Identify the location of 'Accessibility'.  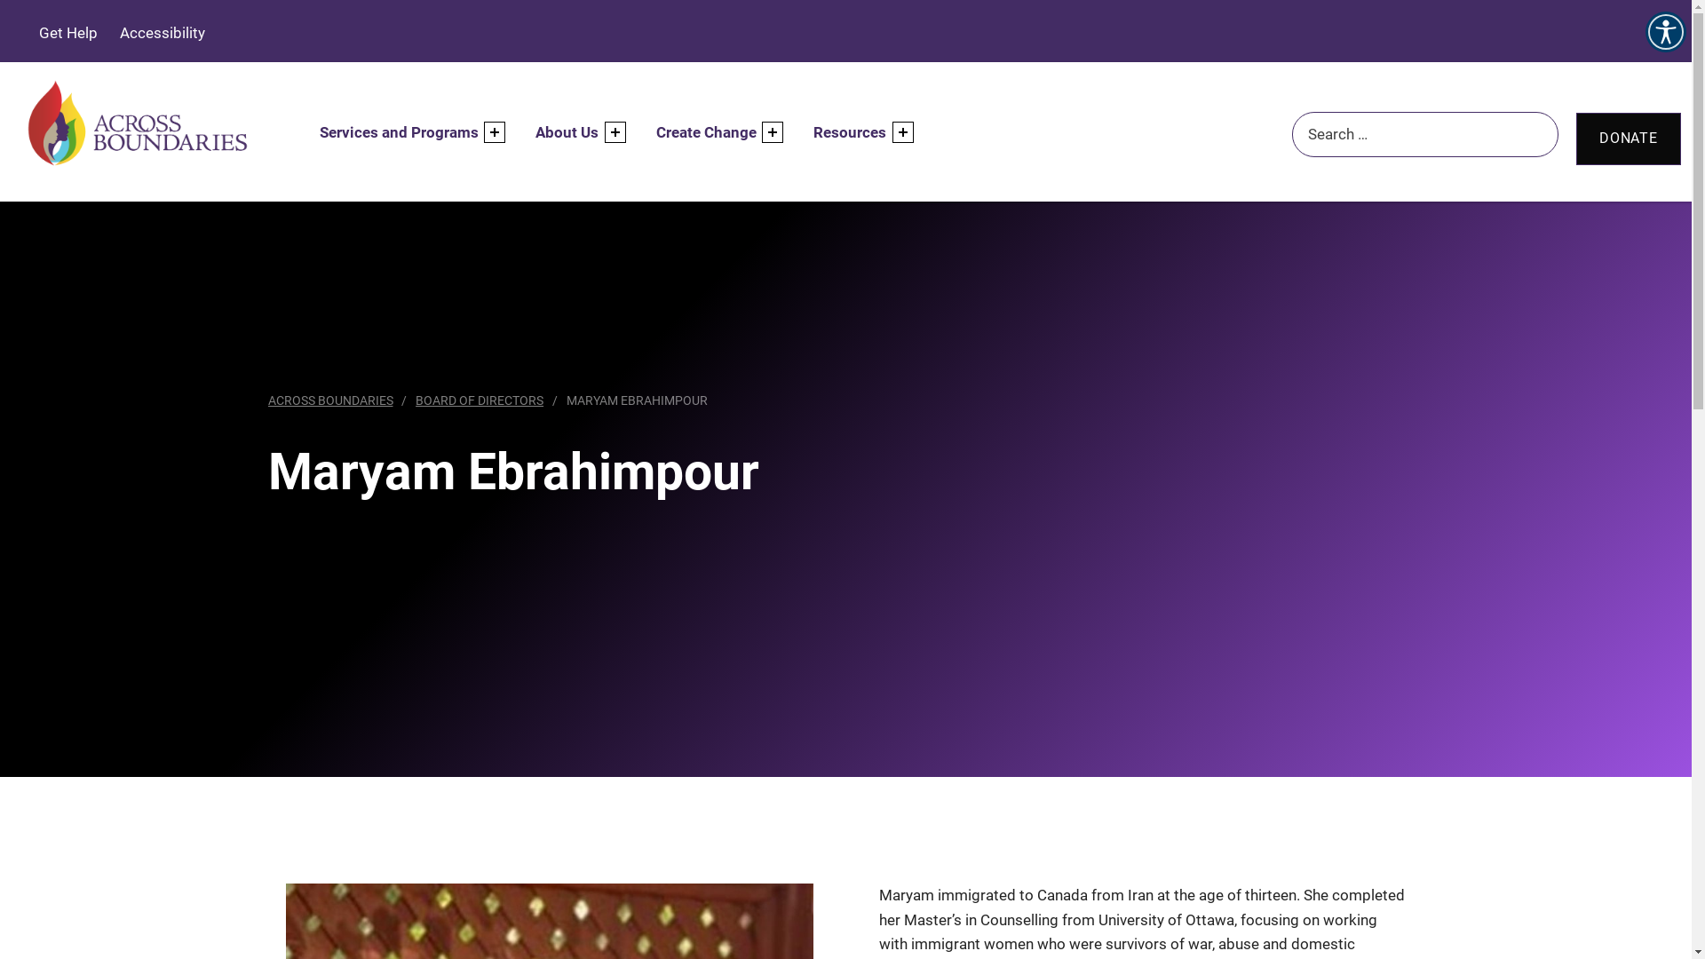
(153, 33).